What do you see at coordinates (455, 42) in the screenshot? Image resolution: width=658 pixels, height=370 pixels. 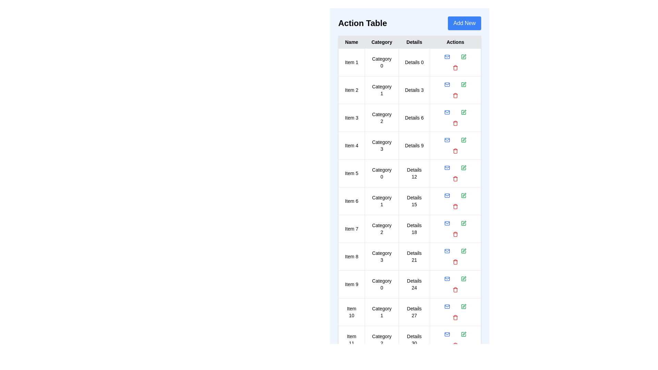 I see `the table header Actions to sort or filter the table by that column` at bounding box center [455, 42].